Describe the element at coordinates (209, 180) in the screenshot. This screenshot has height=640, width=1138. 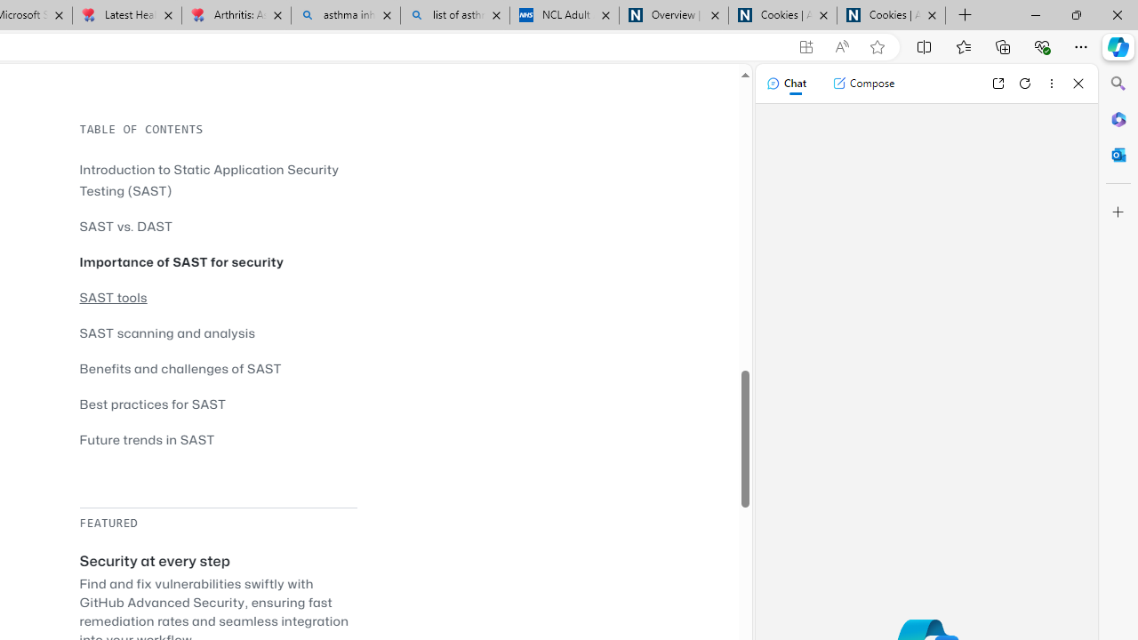
I see `'Introduction to Static Application Security Testing (SAST)'` at that location.